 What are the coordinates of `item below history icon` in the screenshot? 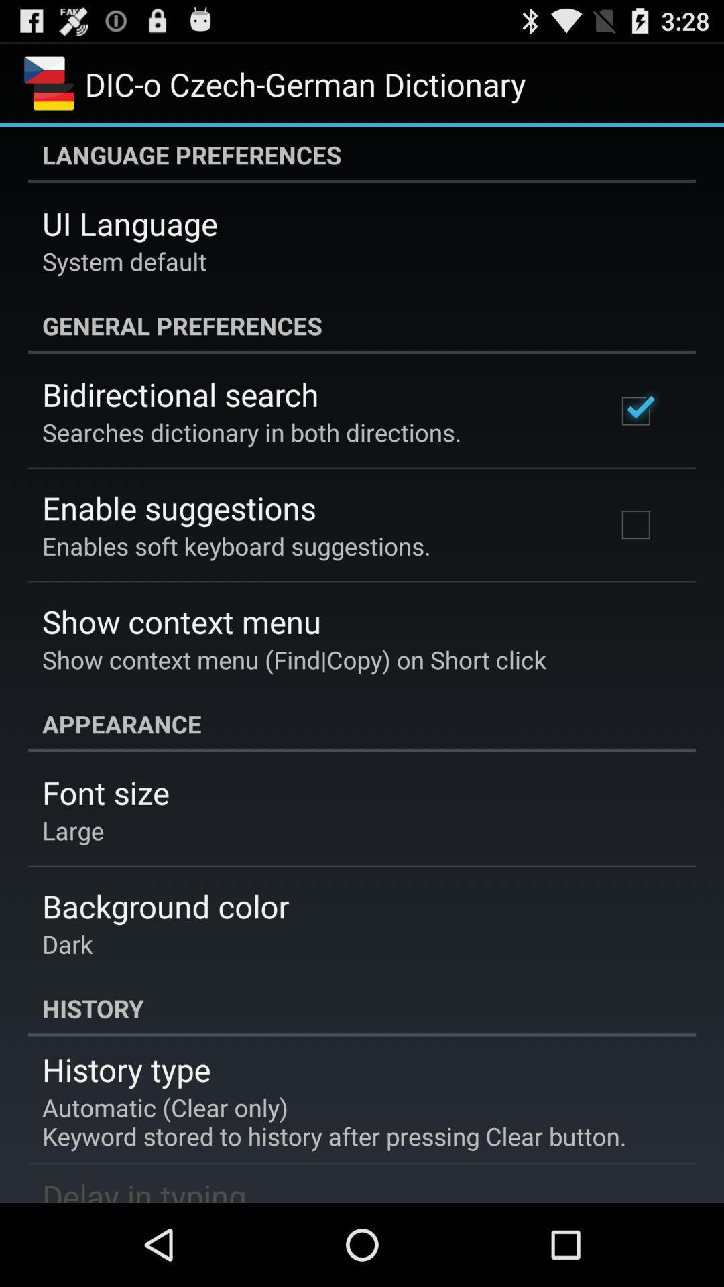 It's located at (126, 1068).